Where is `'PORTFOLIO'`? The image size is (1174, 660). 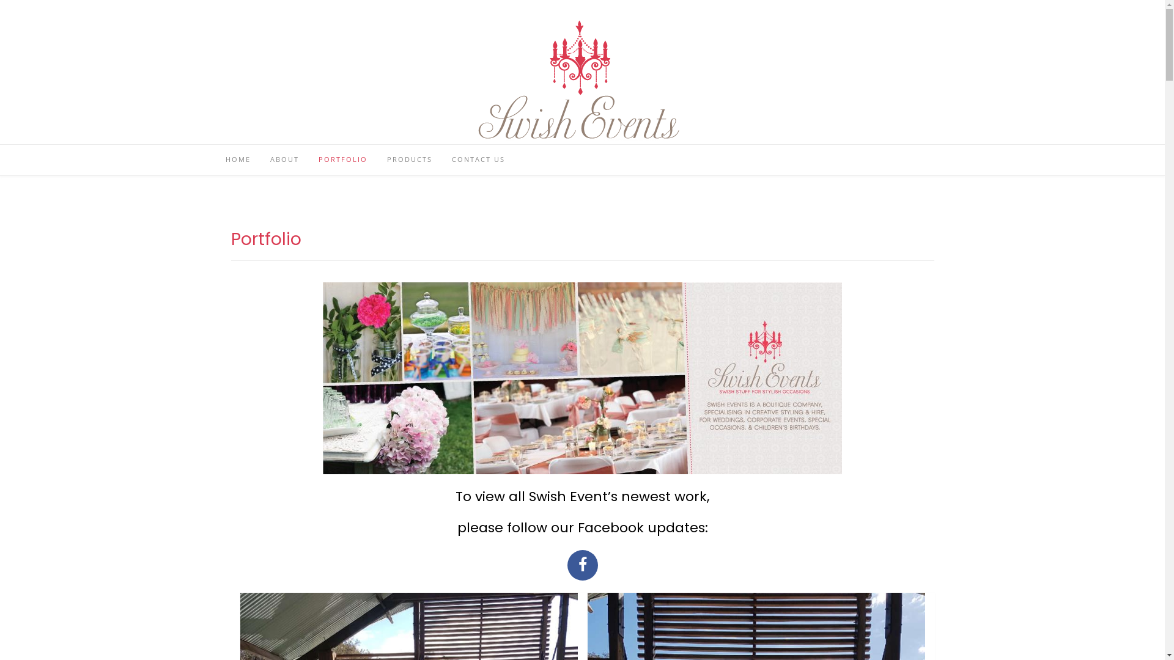
'PORTFOLIO' is located at coordinates (342, 159).